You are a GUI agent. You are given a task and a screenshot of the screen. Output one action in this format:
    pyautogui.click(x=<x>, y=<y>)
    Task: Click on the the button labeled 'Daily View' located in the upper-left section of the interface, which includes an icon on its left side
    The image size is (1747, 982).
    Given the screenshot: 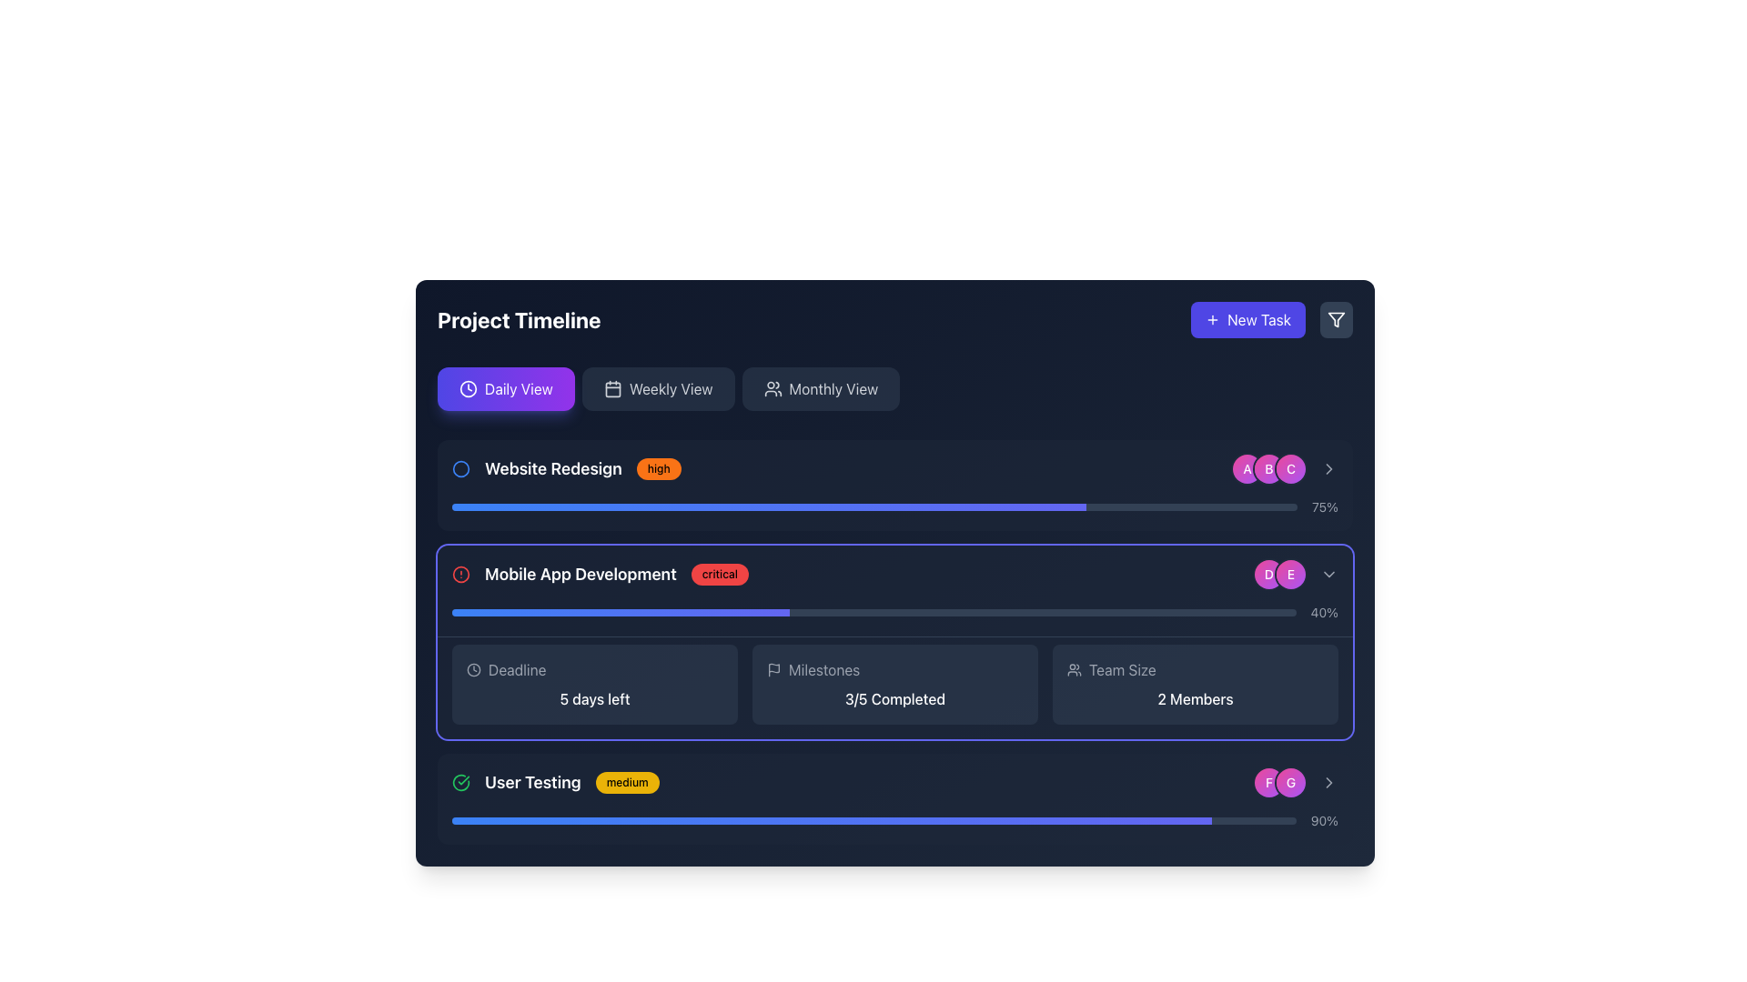 What is the action you would take?
    pyautogui.click(x=518, y=388)
    